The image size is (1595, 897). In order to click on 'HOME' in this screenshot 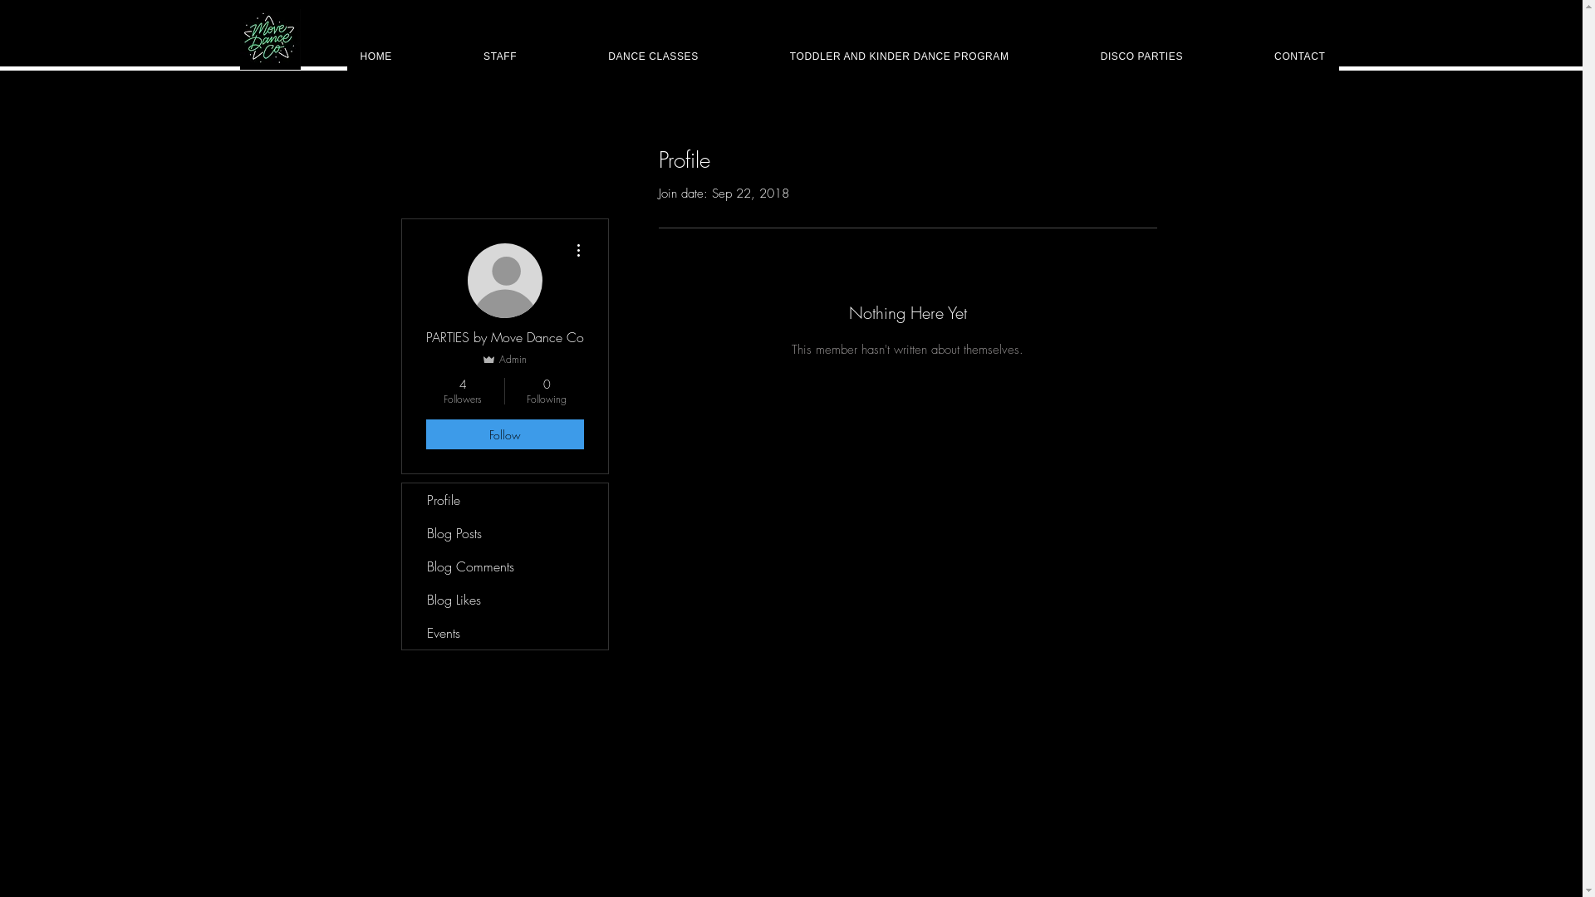, I will do `click(375, 56)`.